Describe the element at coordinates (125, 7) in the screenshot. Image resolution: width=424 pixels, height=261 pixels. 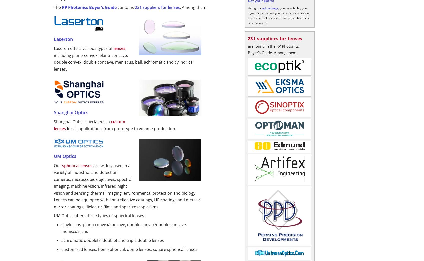
I see `'contains'` at that location.